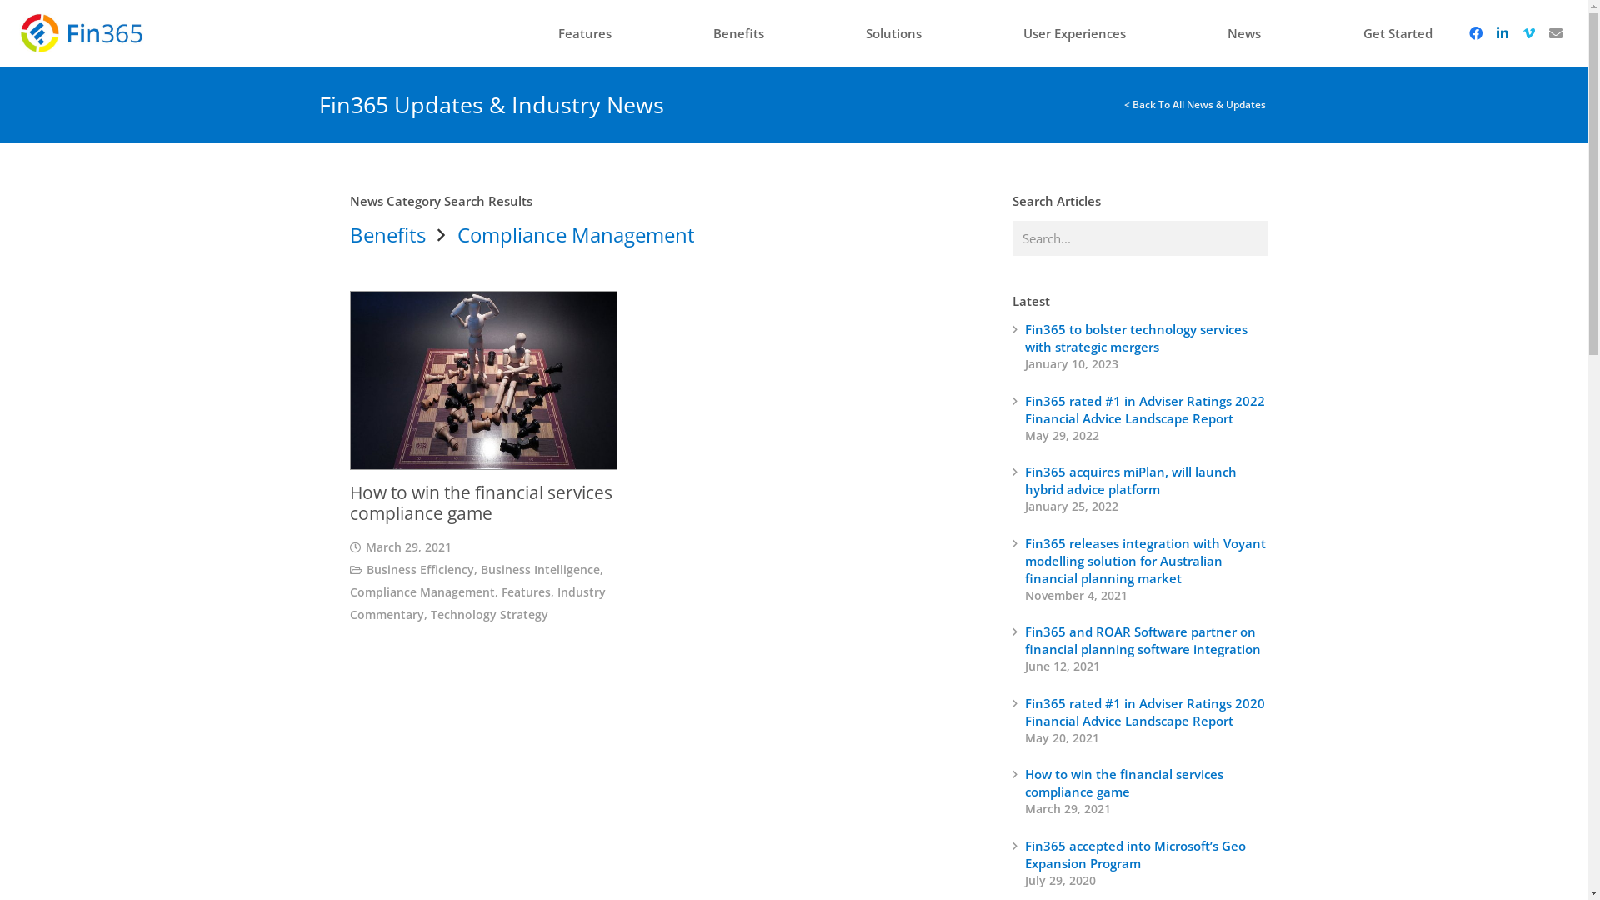 The image size is (1600, 900). I want to click on 'Fin365 acquires miPlan, will launch hybrid advice platform', so click(1131, 480).